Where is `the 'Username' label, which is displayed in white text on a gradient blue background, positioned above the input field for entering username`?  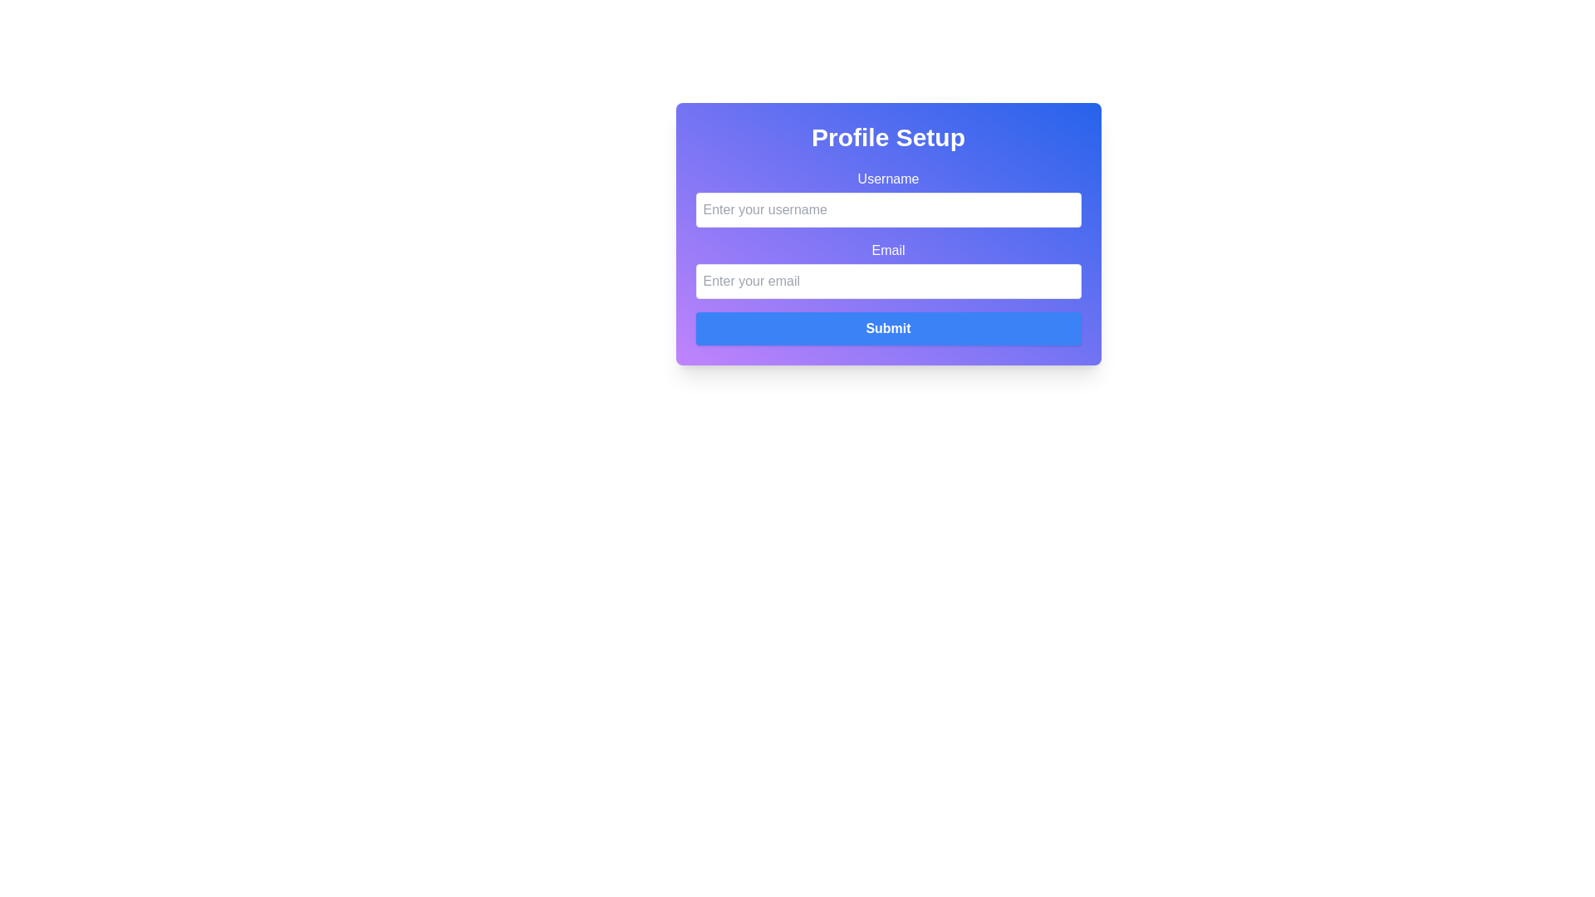
the 'Username' label, which is displayed in white text on a gradient blue background, positioned above the input field for entering username is located at coordinates (887, 179).